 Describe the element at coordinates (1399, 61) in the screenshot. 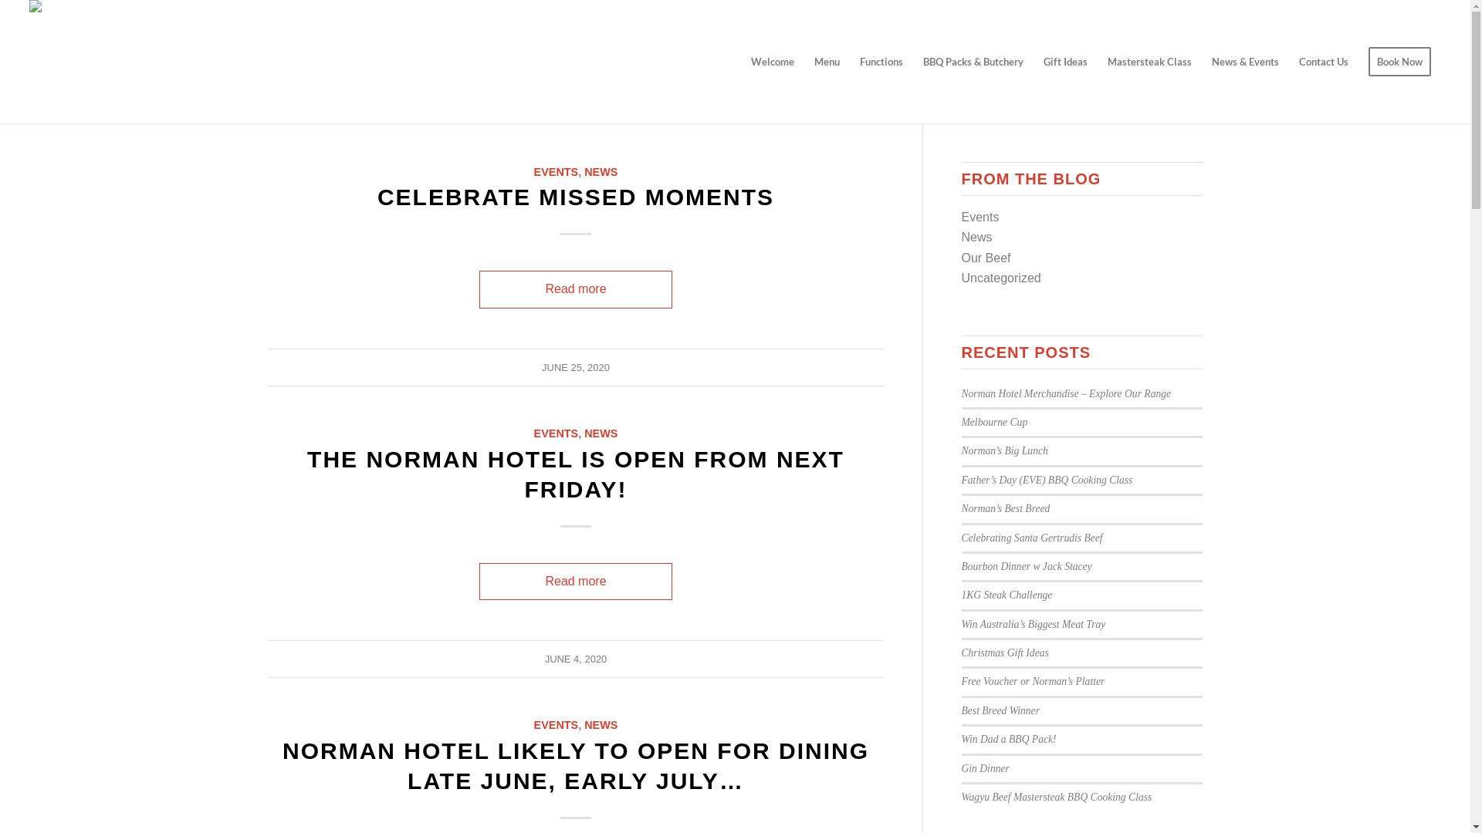

I see `'Book Now'` at that location.